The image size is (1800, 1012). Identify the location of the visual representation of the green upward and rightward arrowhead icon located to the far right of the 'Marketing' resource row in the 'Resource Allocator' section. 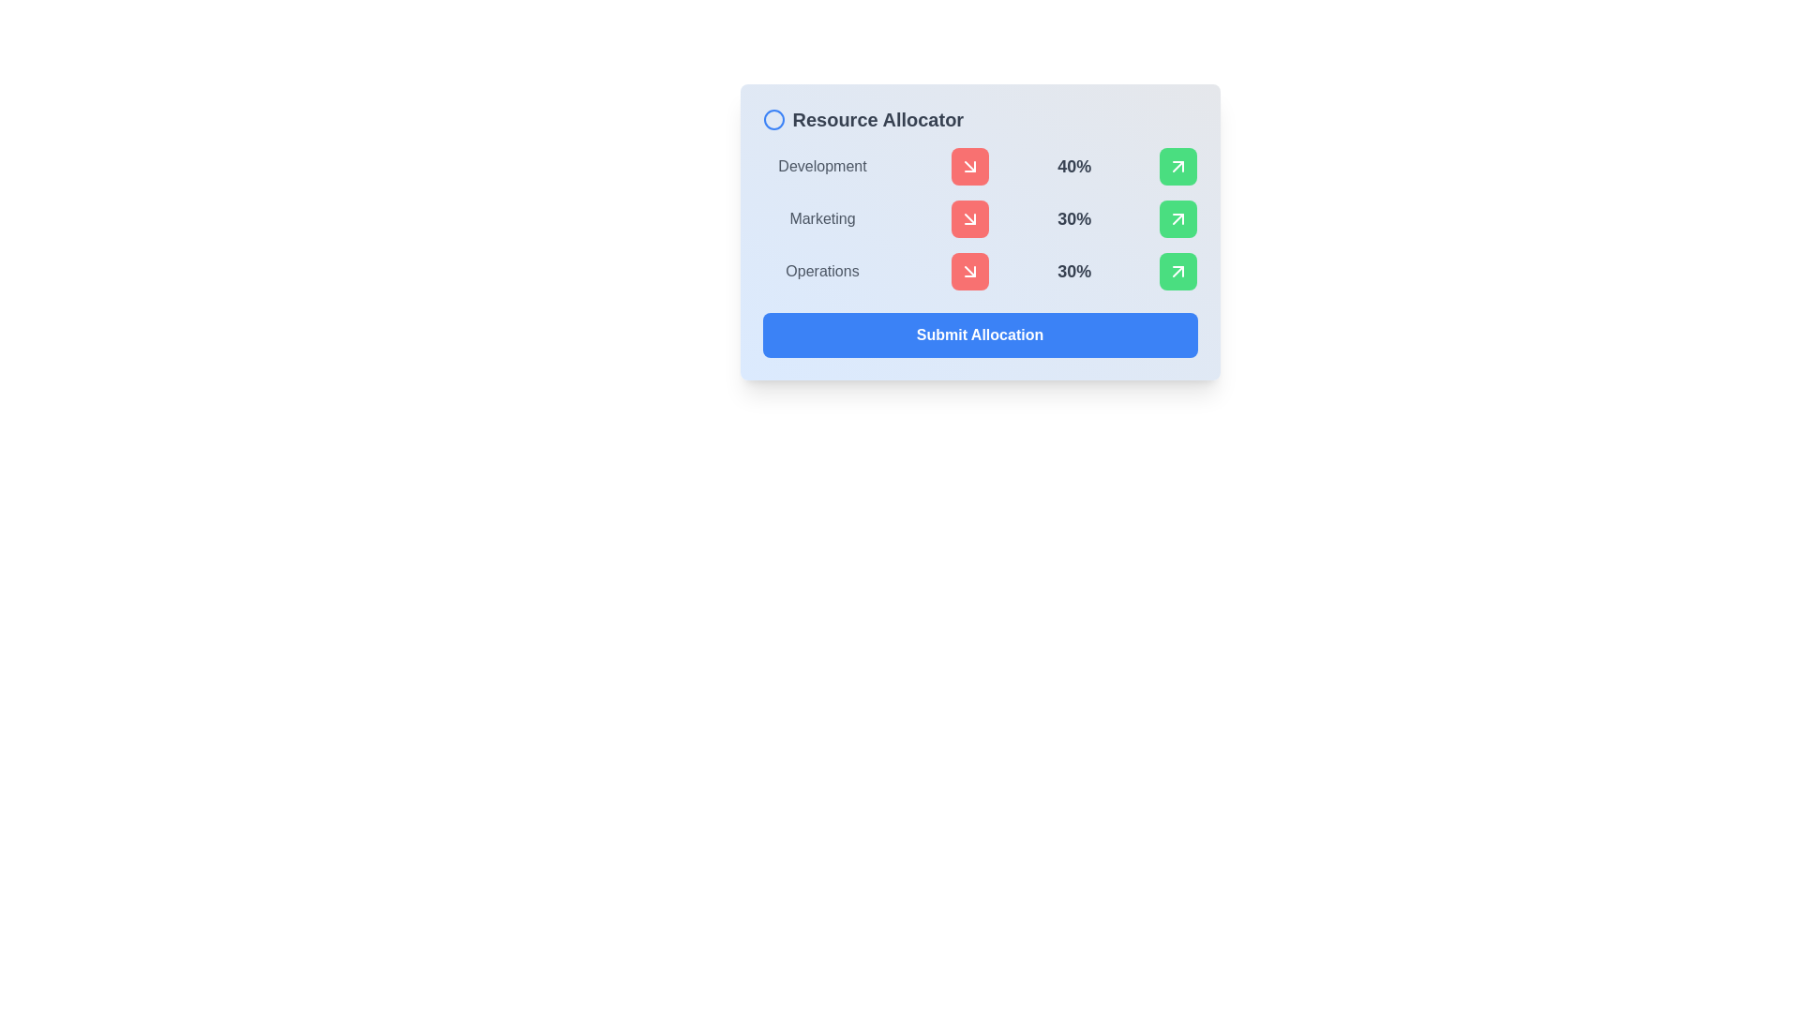
(1177, 218).